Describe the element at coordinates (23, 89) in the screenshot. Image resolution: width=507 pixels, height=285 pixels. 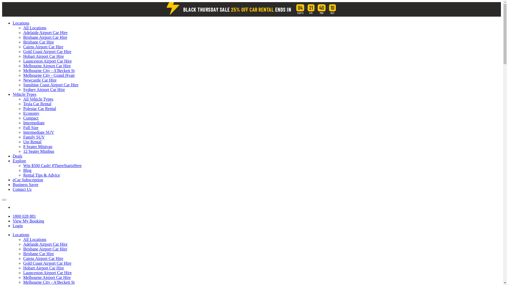
I see `'Sydney Airport Car Hire'` at that location.